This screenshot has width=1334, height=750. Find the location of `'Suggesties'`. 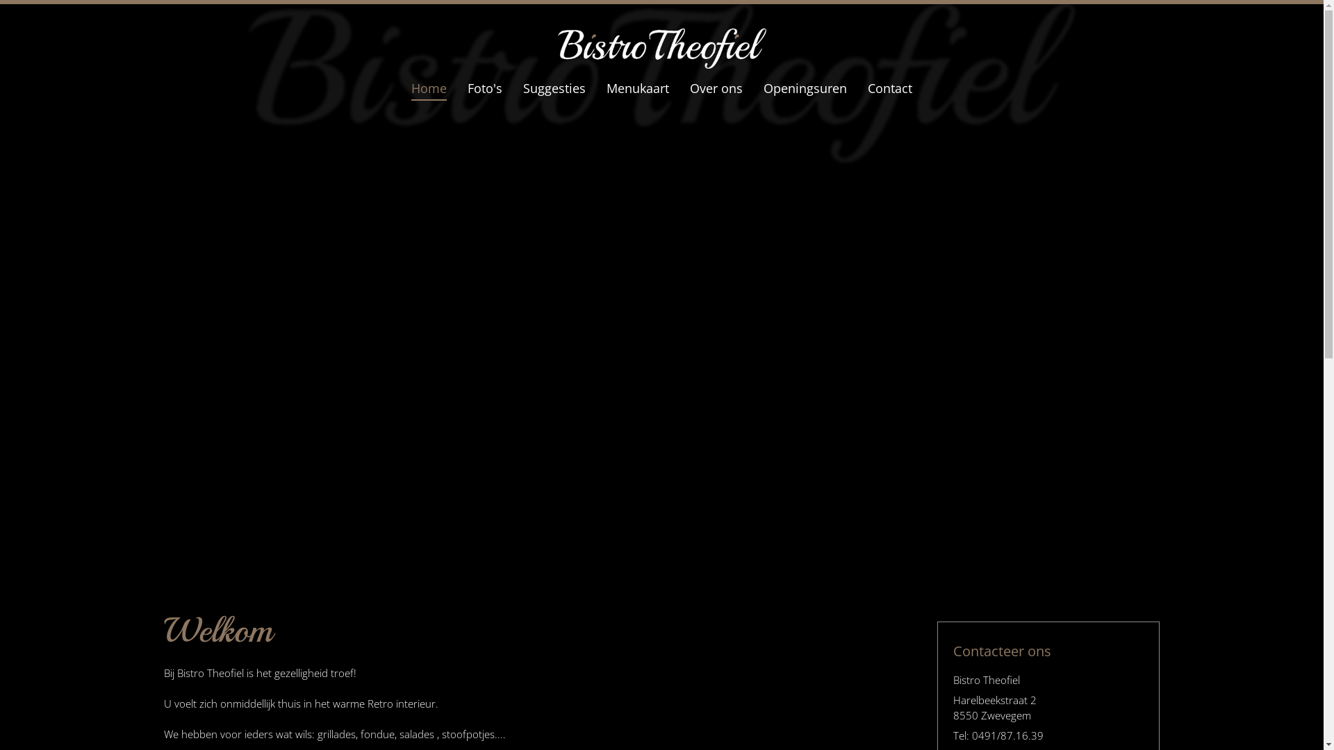

'Suggesties' is located at coordinates (553, 87).